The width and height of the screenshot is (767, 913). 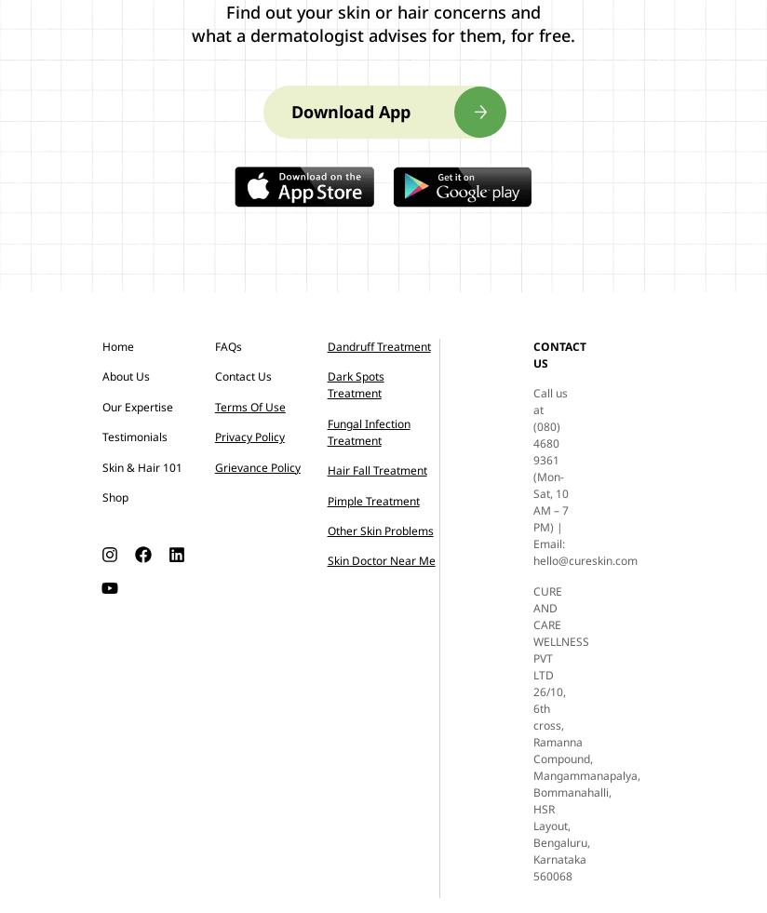 What do you see at coordinates (584, 477) in the screenshot?
I see `'Call us at (080) 4680 9361 (Mon-Sat, 10 AM – 7 PM) | Email: hello@cureskin.com'` at bounding box center [584, 477].